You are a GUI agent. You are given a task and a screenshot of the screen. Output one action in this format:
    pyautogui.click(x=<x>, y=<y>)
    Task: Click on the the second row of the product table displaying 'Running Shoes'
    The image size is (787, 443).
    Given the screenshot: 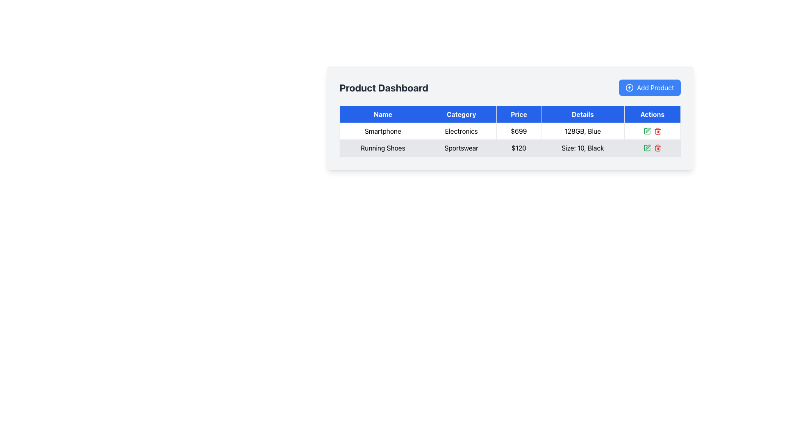 What is the action you would take?
    pyautogui.click(x=510, y=148)
    